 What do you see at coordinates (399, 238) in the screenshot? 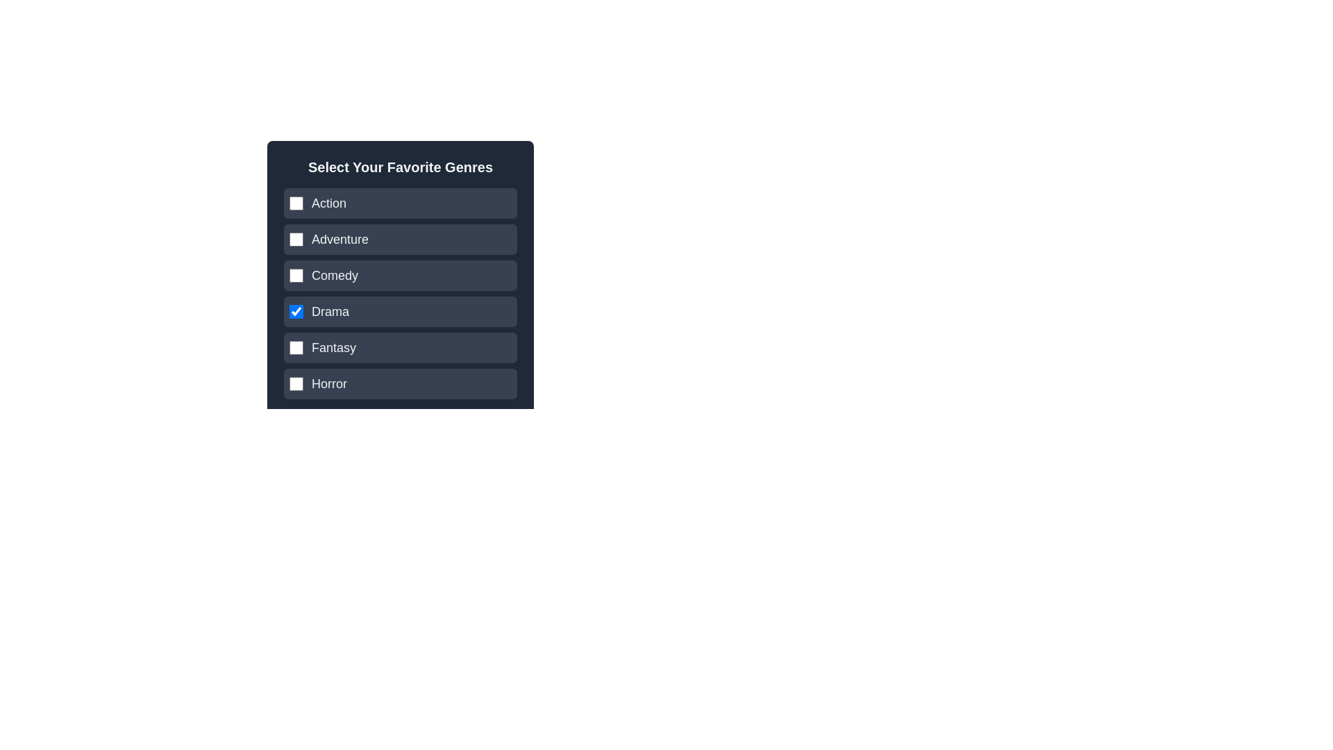
I see `the second selectable list item with a checkbox component representing the 'Adventure' genre for keyboard or accessibility interactions` at bounding box center [399, 238].